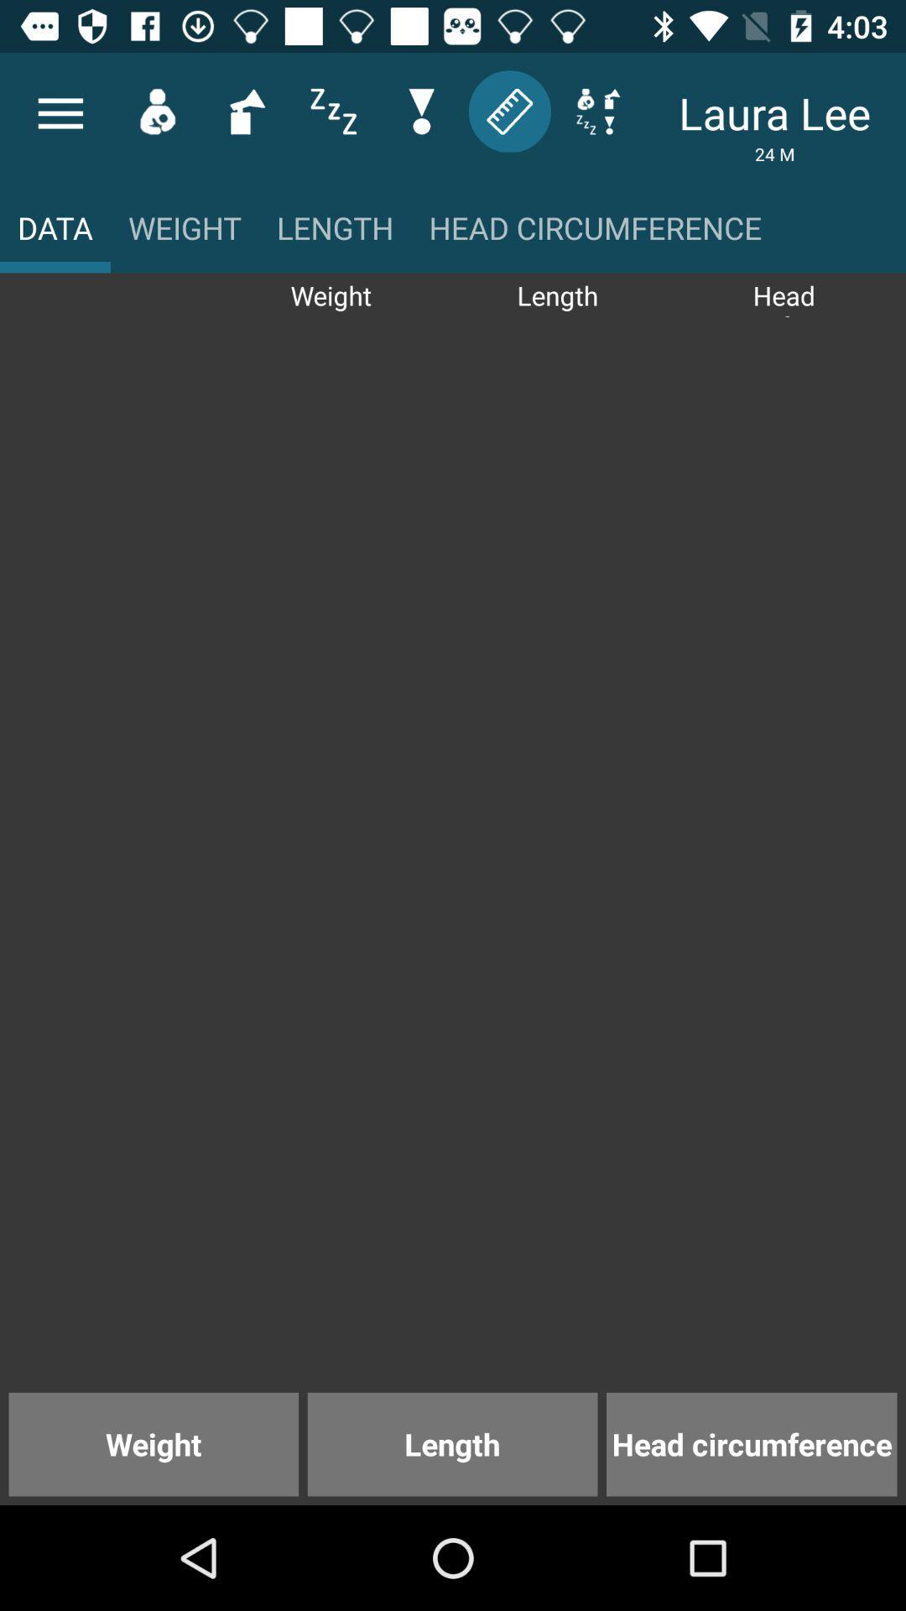  I want to click on the label icon, so click(508, 110).